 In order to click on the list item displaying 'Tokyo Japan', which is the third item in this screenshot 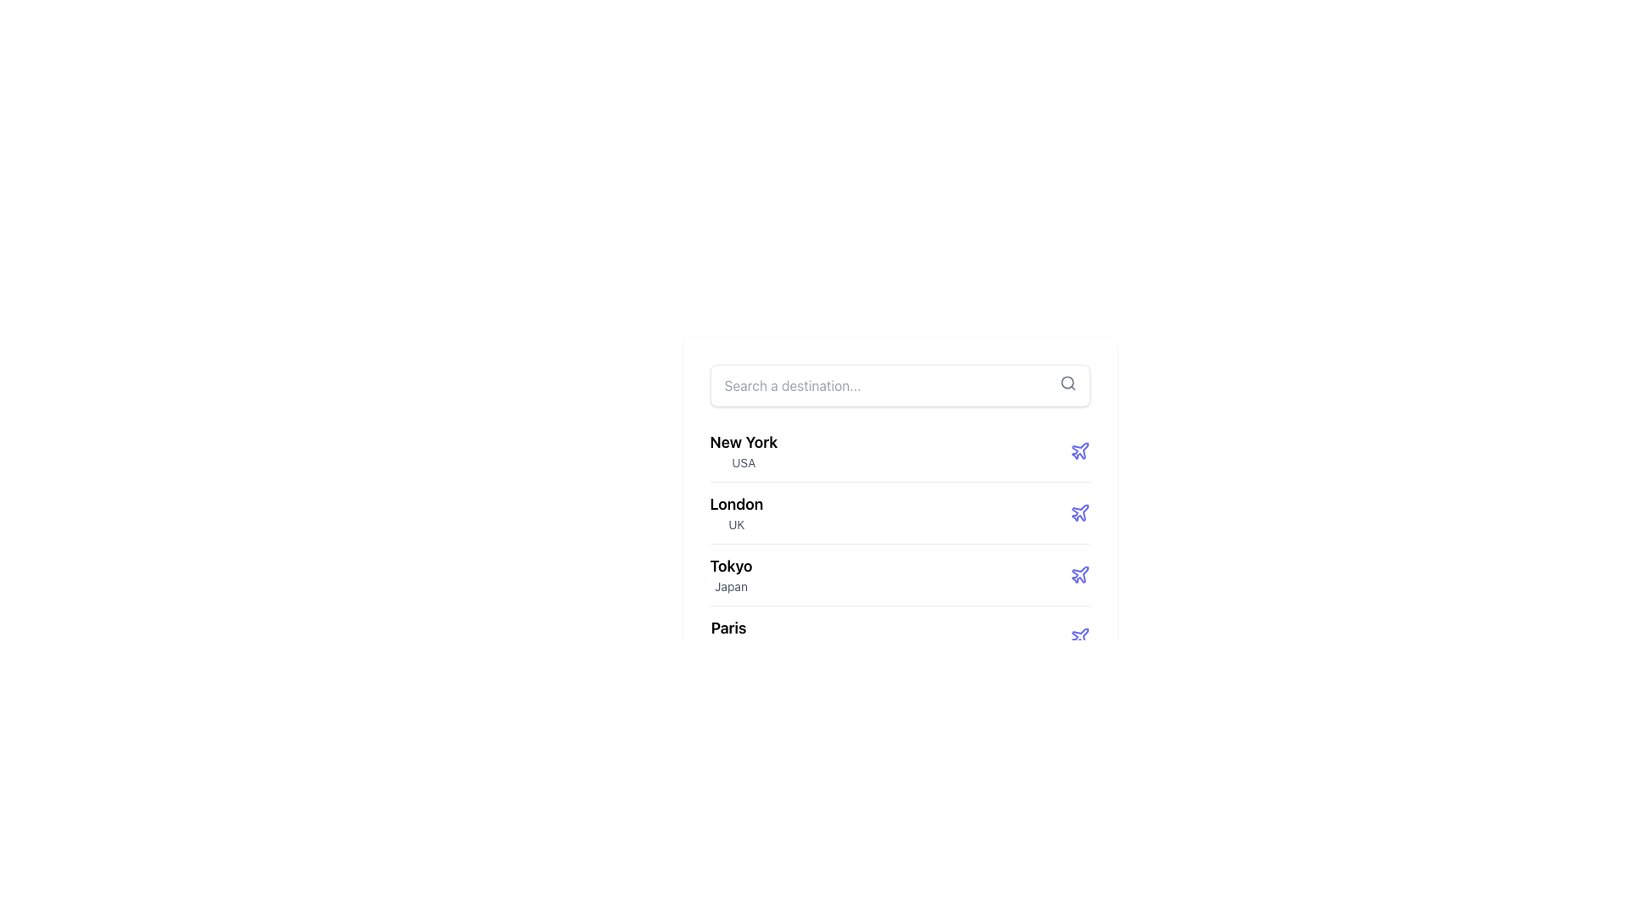, I will do `click(899, 546)`.